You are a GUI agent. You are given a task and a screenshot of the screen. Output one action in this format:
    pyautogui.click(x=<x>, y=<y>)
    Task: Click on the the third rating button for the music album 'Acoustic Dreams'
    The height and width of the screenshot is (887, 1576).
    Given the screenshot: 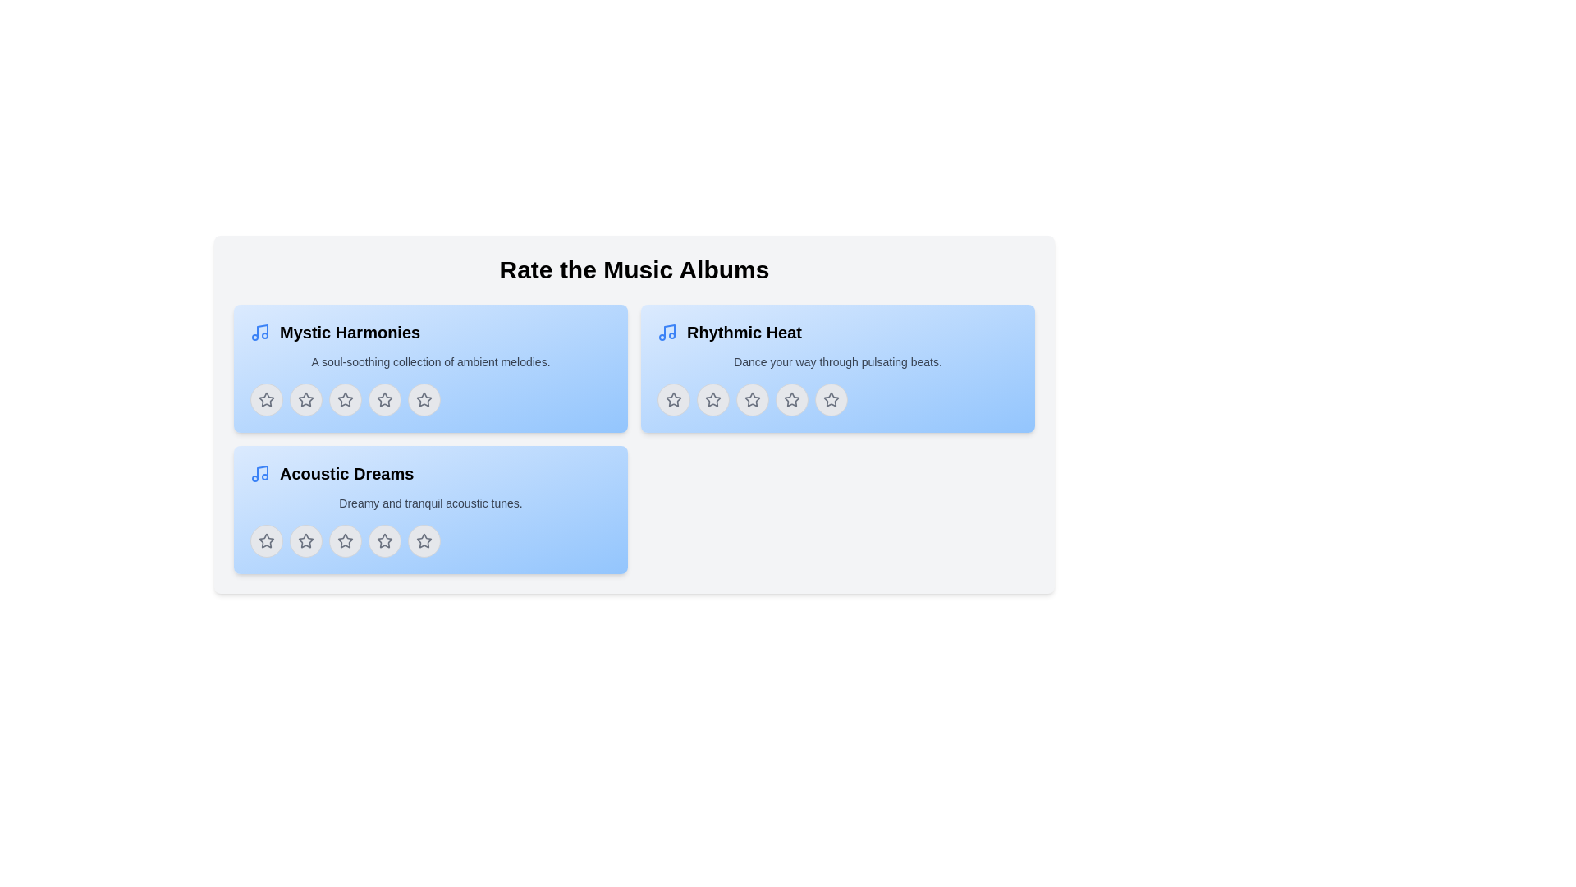 What is the action you would take?
    pyautogui.click(x=345, y=541)
    